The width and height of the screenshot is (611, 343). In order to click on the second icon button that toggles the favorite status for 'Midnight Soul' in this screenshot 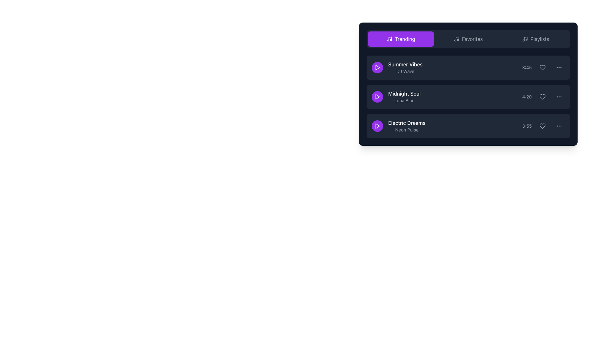, I will do `click(542, 97)`.